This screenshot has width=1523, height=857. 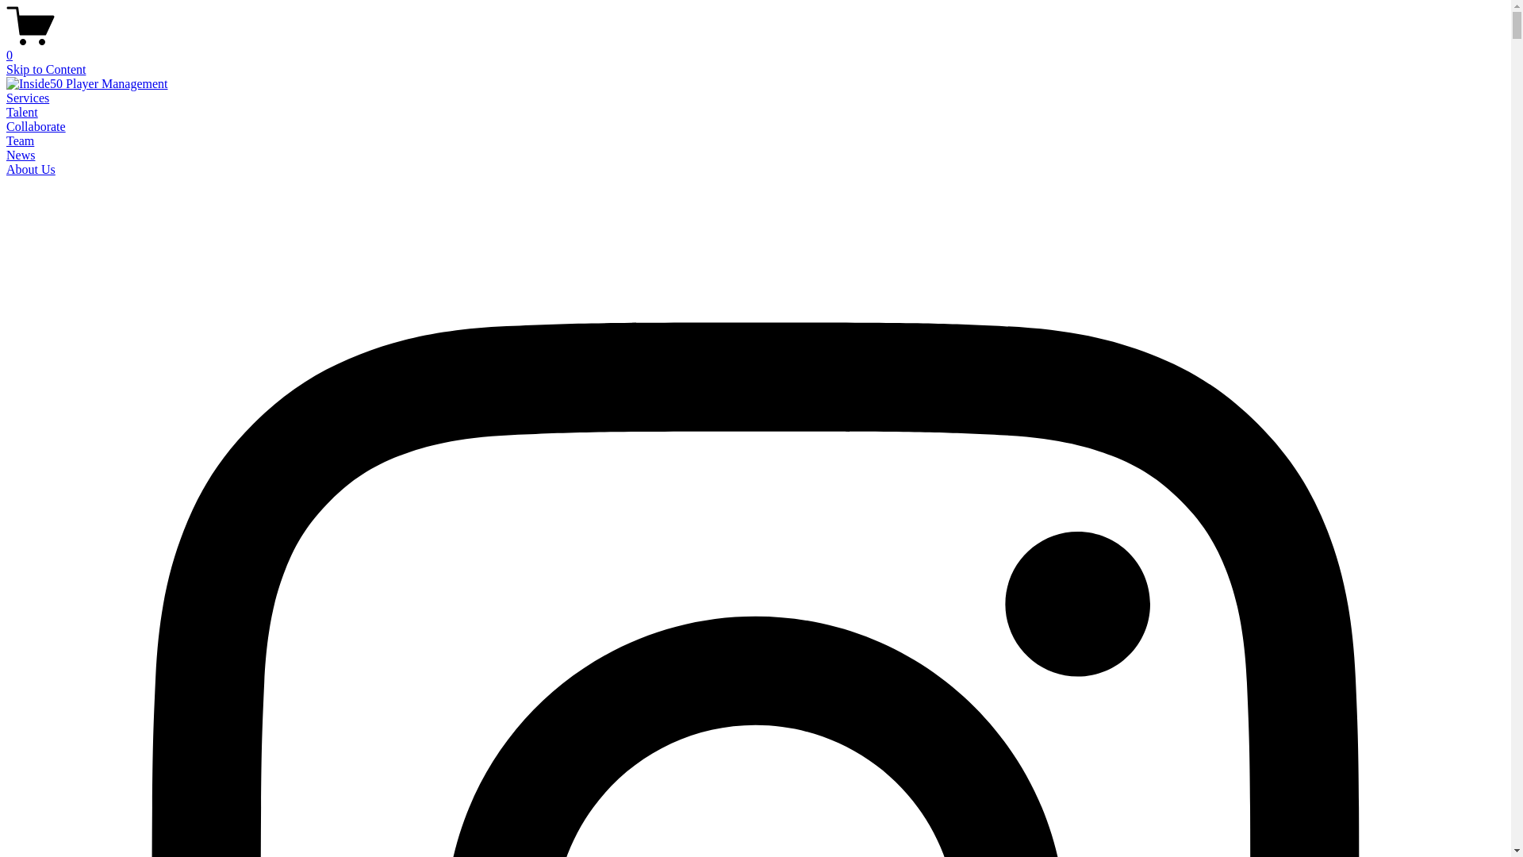 I want to click on 'Team', so click(x=20, y=140).